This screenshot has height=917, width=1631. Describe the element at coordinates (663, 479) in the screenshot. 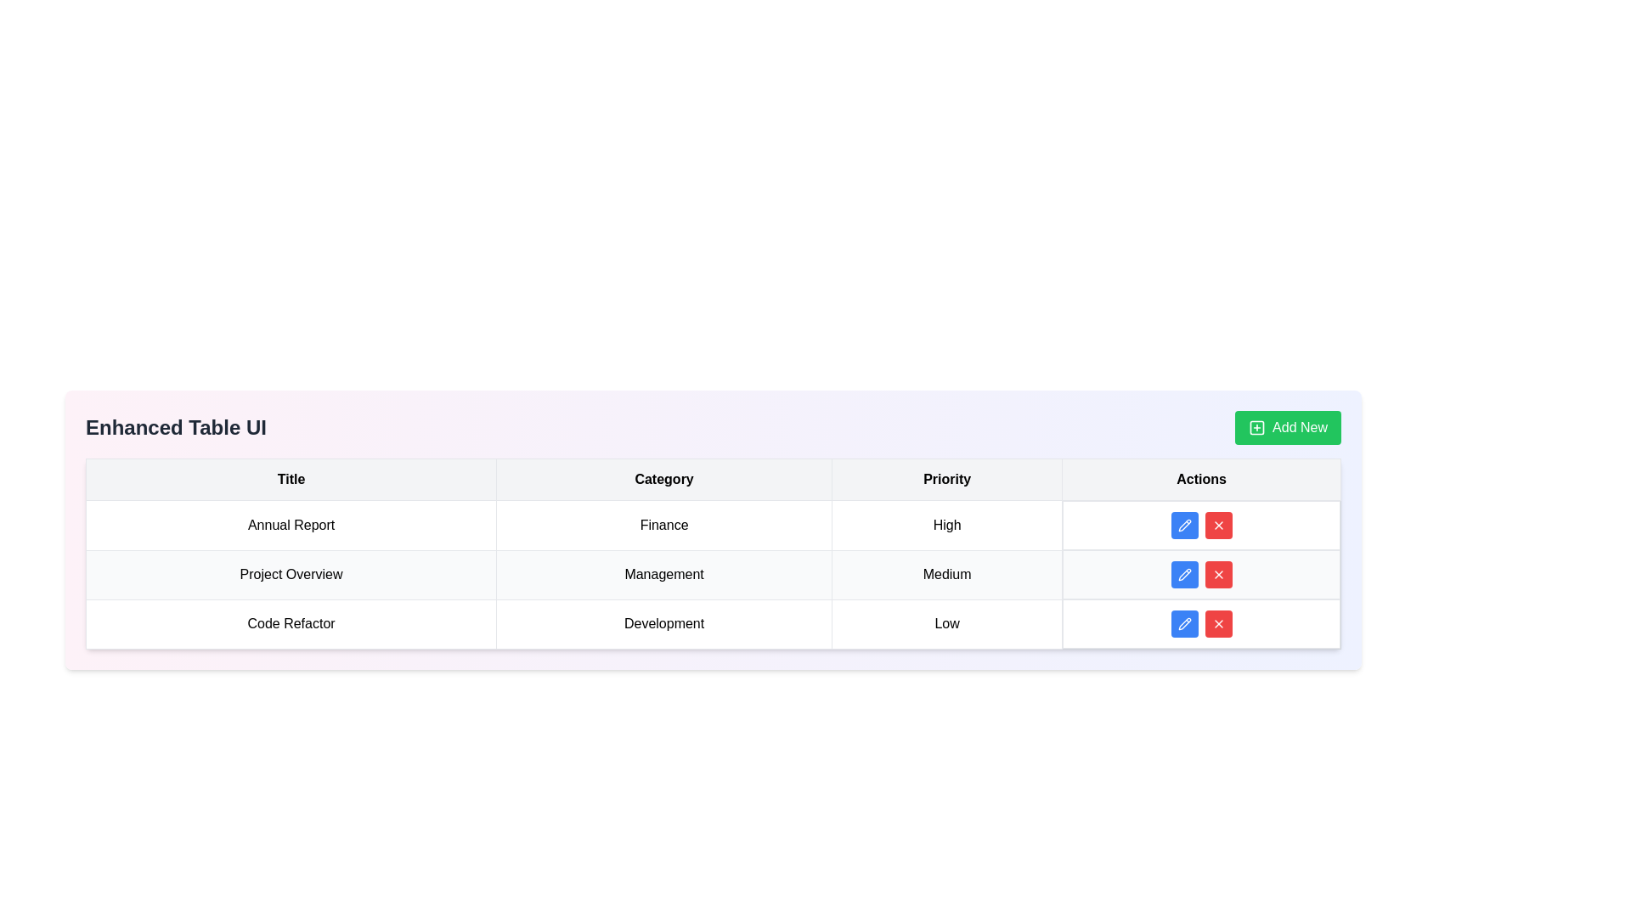

I see `the 'Category' header label in the table, which is positioned between 'Title' and 'Priority' in the header row` at that location.